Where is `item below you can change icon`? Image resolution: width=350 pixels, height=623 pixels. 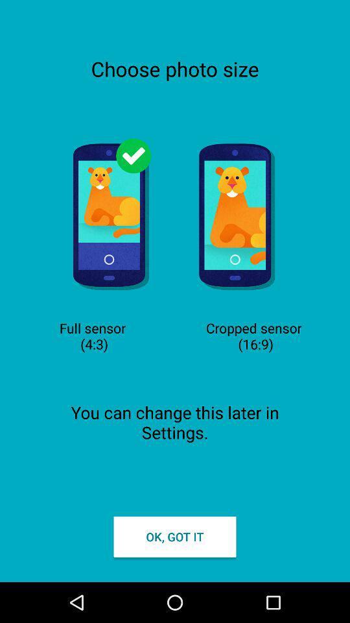 item below you can change icon is located at coordinates (175, 537).